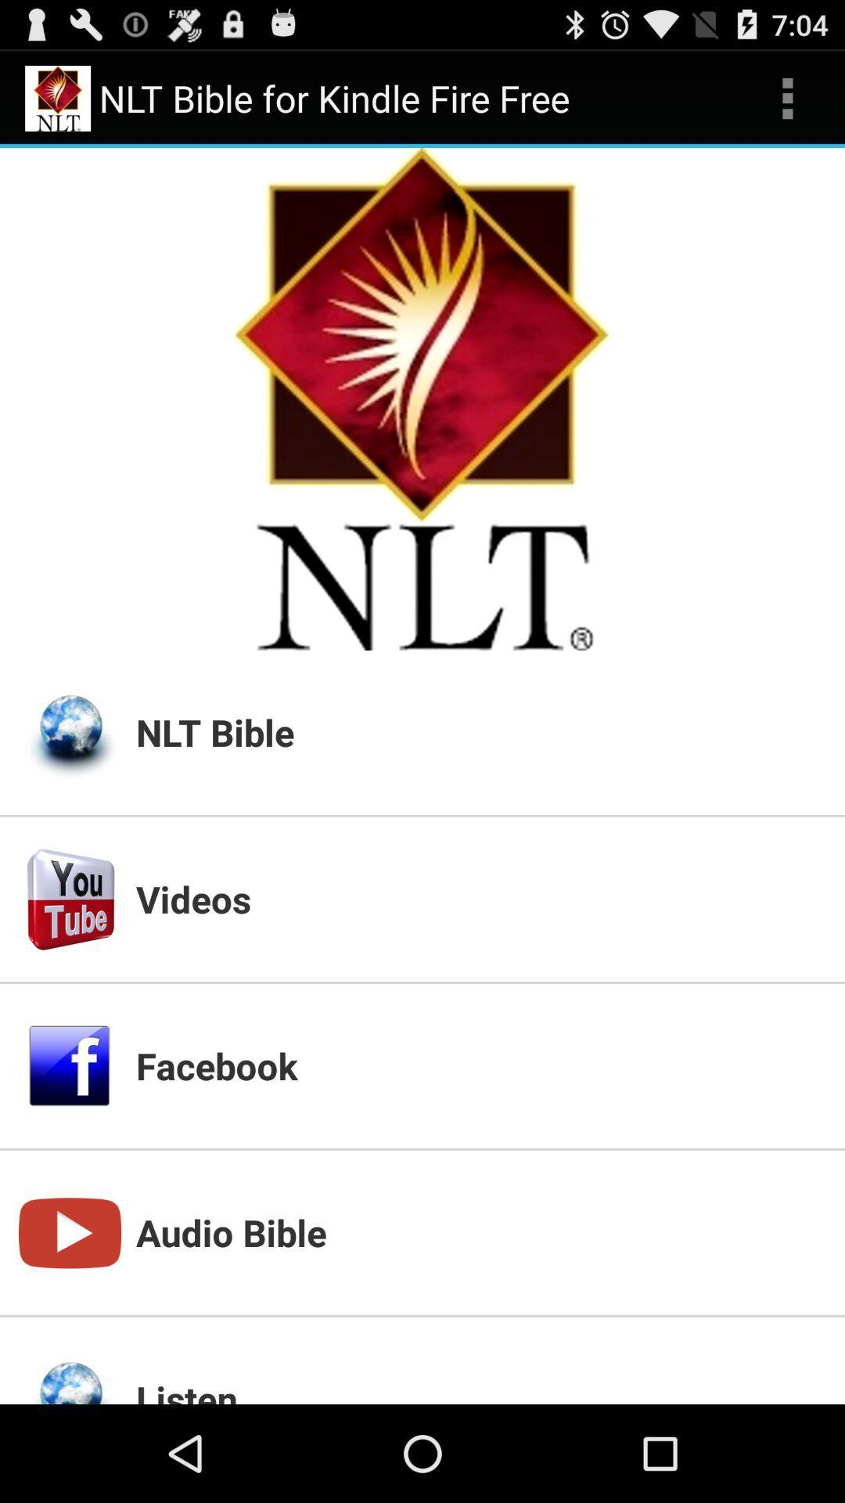 The image size is (845, 1503). What do you see at coordinates (480, 1065) in the screenshot?
I see `the app above the audio bible icon` at bounding box center [480, 1065].